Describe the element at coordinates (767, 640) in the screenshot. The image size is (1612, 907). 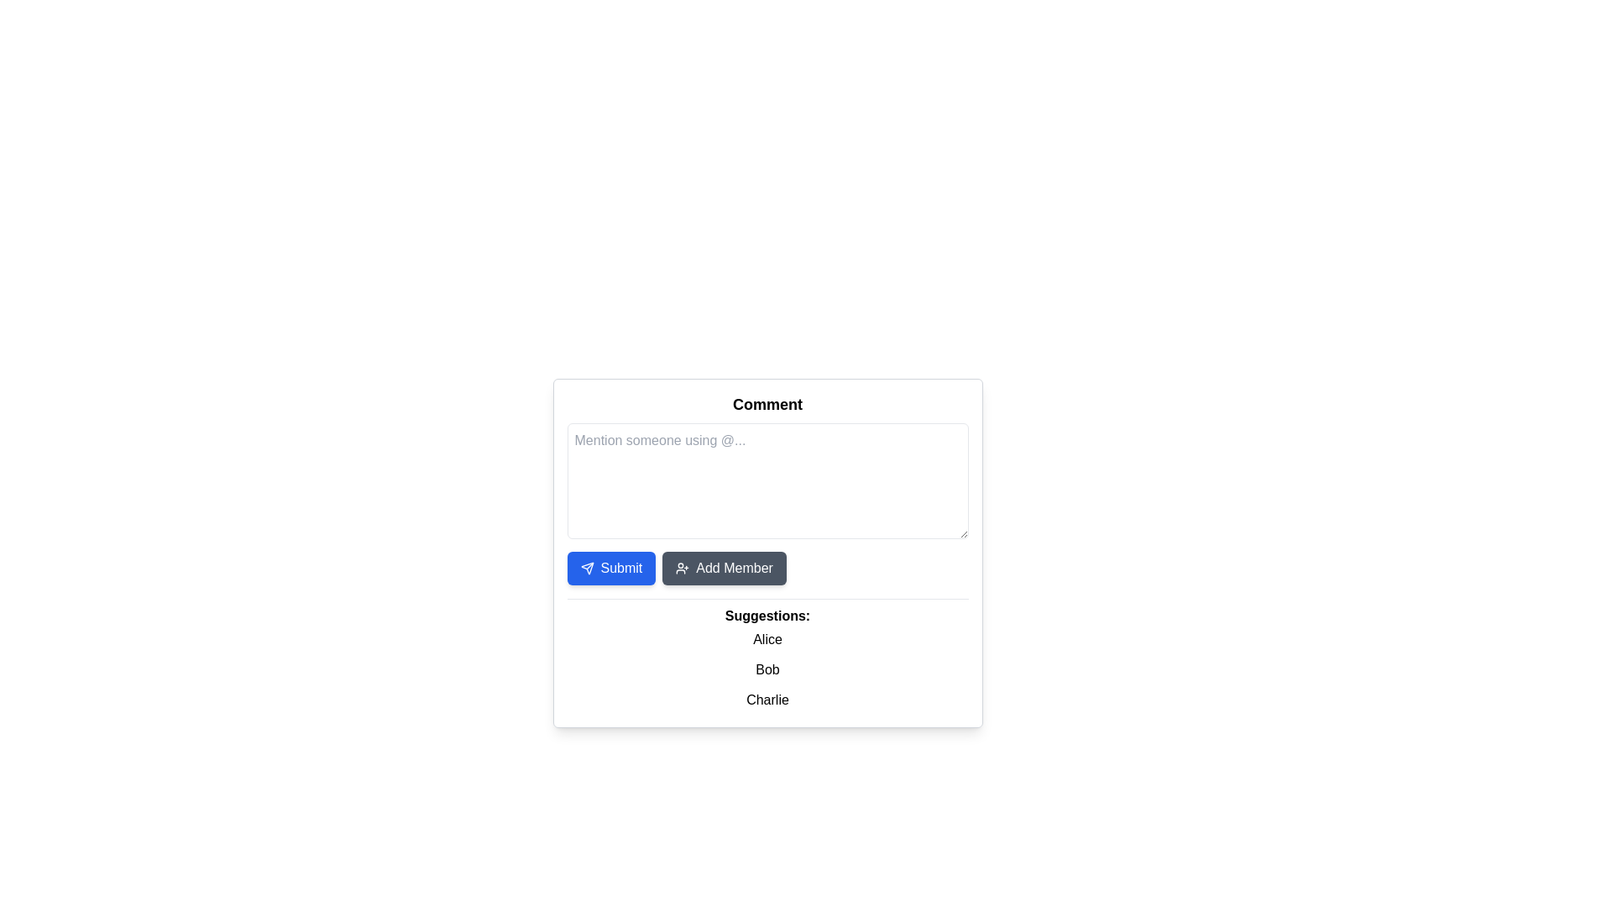
I see `the first item in the suggestions list, which is labeled 'Alice'` at that location.